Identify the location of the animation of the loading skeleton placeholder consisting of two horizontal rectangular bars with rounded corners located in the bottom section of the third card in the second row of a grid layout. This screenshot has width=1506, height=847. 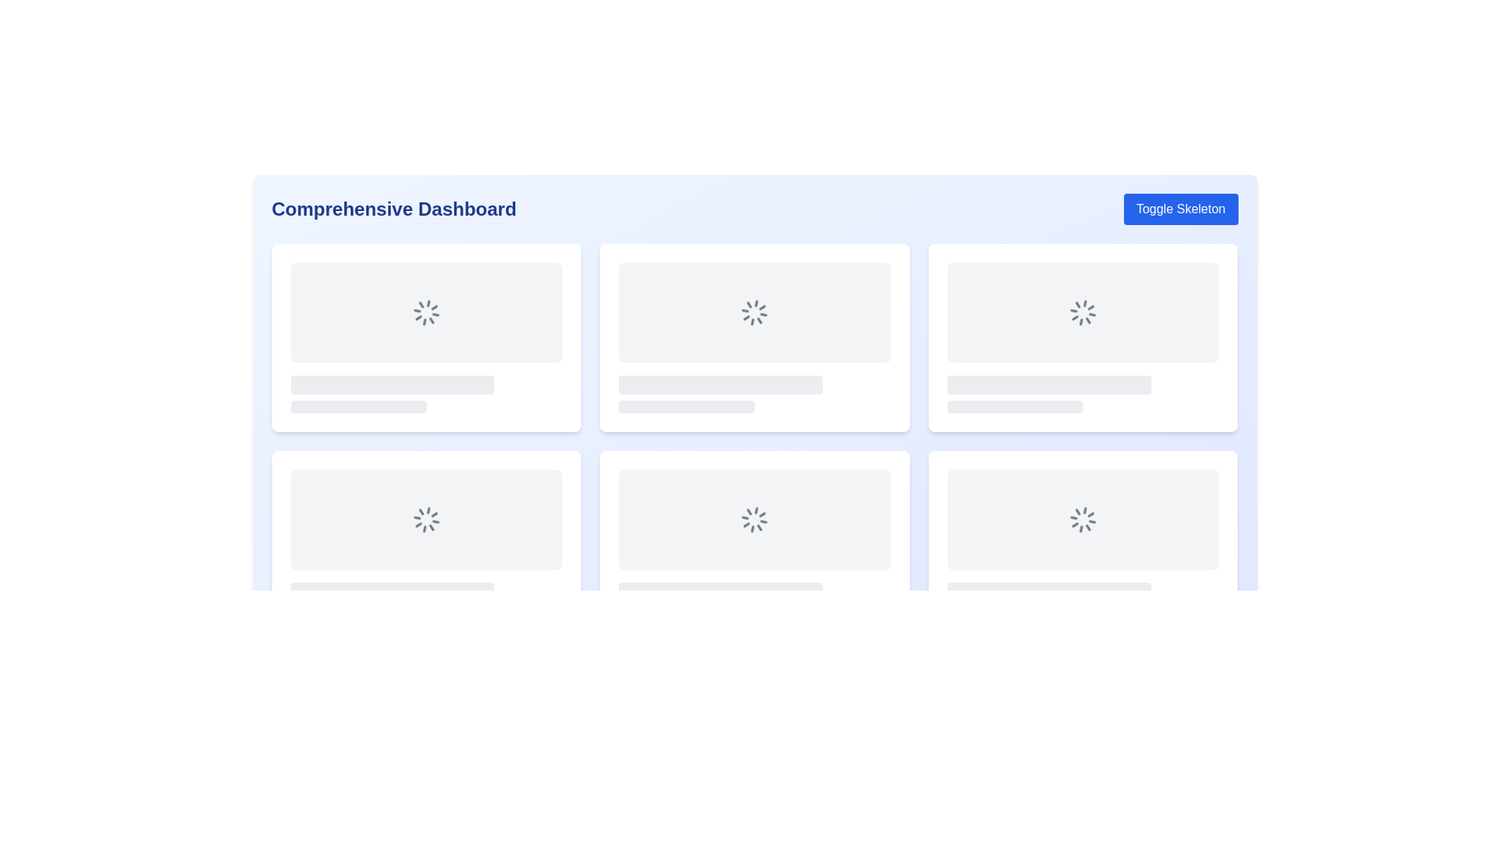
(1082, 393).